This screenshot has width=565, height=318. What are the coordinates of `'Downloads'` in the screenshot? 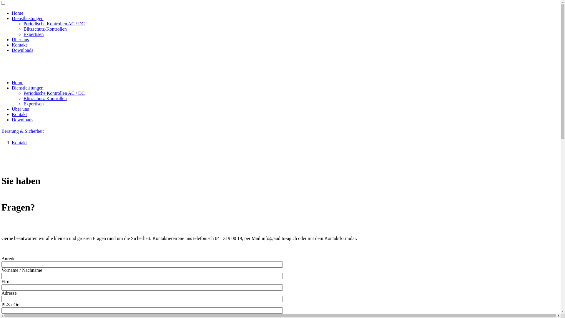 It's located at (22, 119).